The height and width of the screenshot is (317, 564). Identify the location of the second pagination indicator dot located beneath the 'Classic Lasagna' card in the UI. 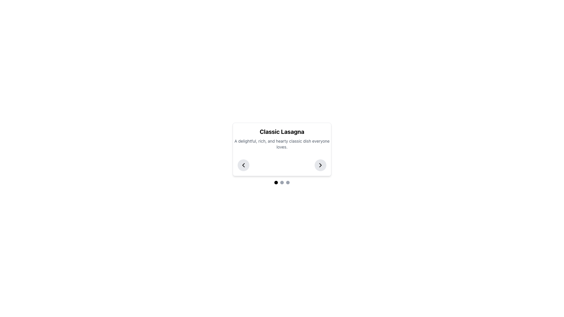
(282, 182).